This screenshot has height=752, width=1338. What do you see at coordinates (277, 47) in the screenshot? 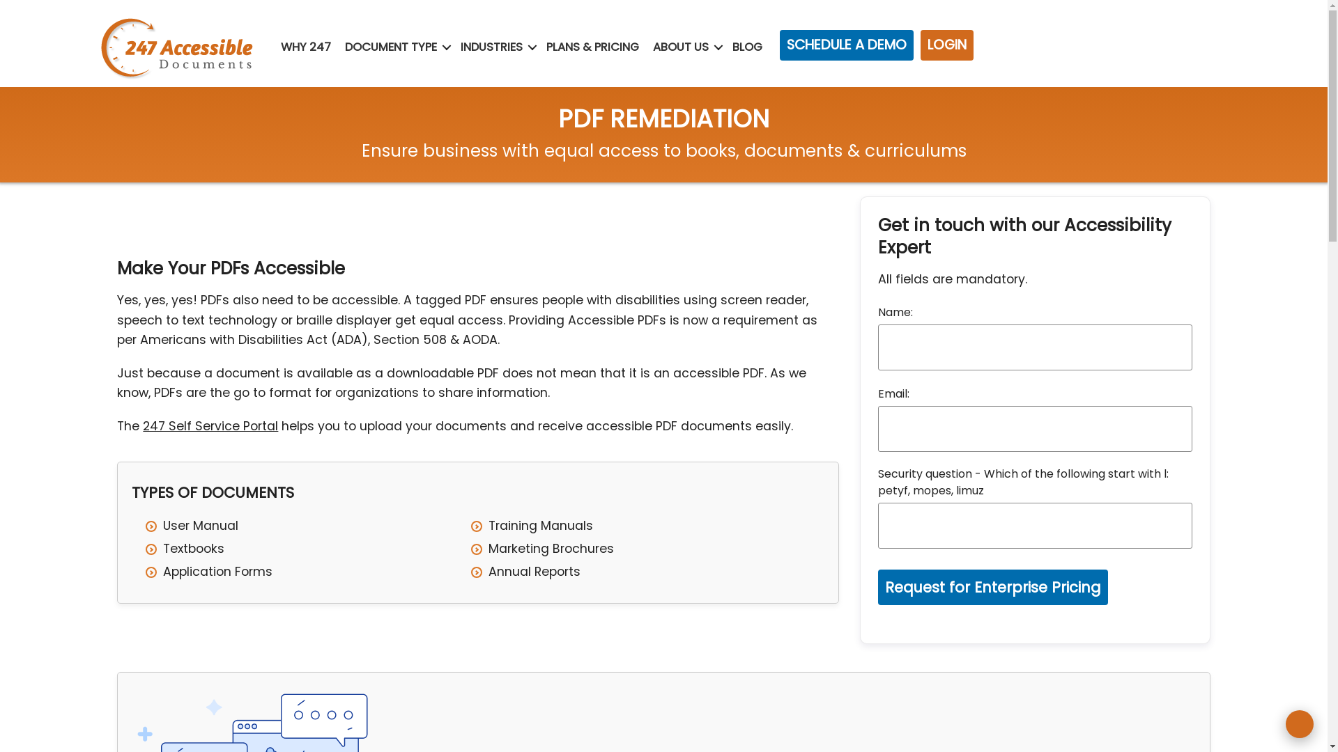
I see `'WHY 247'` at bounding box center [277, 47].